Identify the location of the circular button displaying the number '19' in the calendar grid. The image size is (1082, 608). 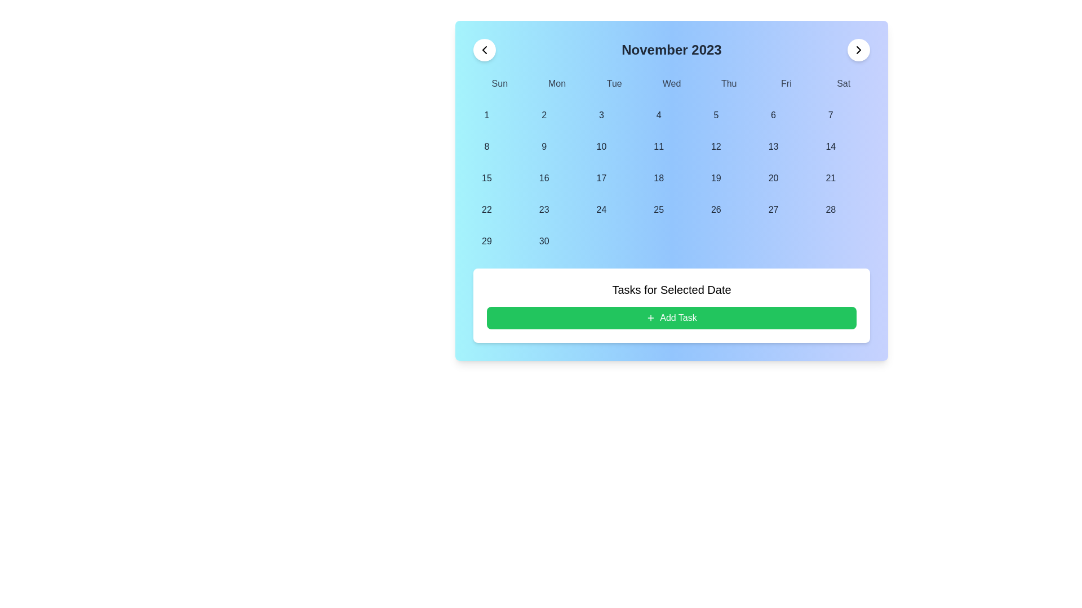
(715, 177).